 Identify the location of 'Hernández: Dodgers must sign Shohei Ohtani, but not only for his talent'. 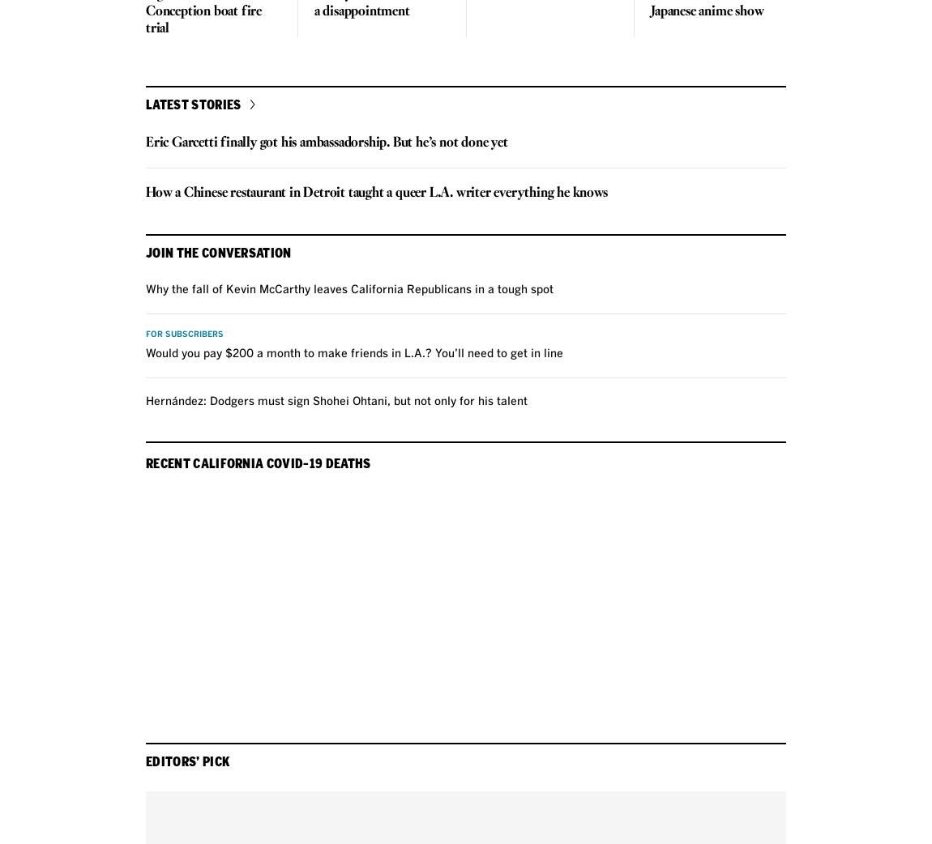
(336, 401).